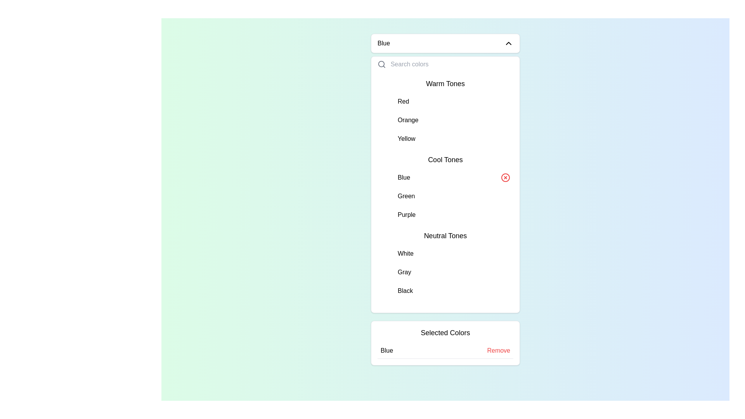 The width and height of the screenshot is (745, 419). Describe the element at coordinates (505, 178) in the screenshot. I see `the 'remove' or 'delete' button to the right of the 'Blue' color item` at that location.